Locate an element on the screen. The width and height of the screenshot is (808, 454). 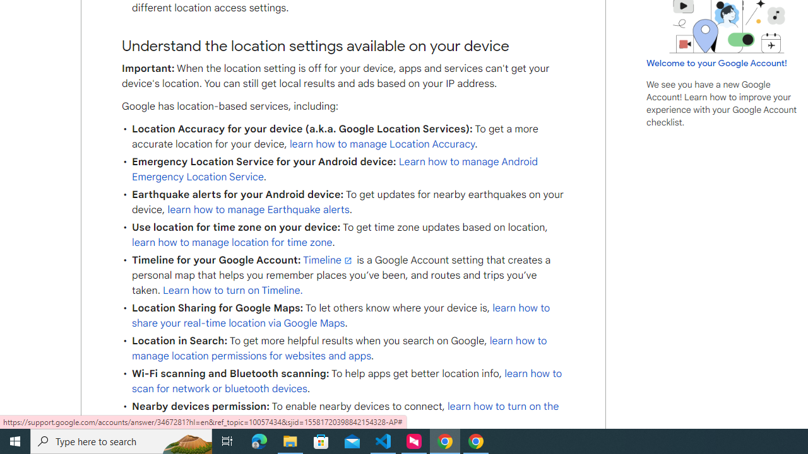
'Learn how to manage Android Emergency Location Service' is located at coordinates (335, 168).